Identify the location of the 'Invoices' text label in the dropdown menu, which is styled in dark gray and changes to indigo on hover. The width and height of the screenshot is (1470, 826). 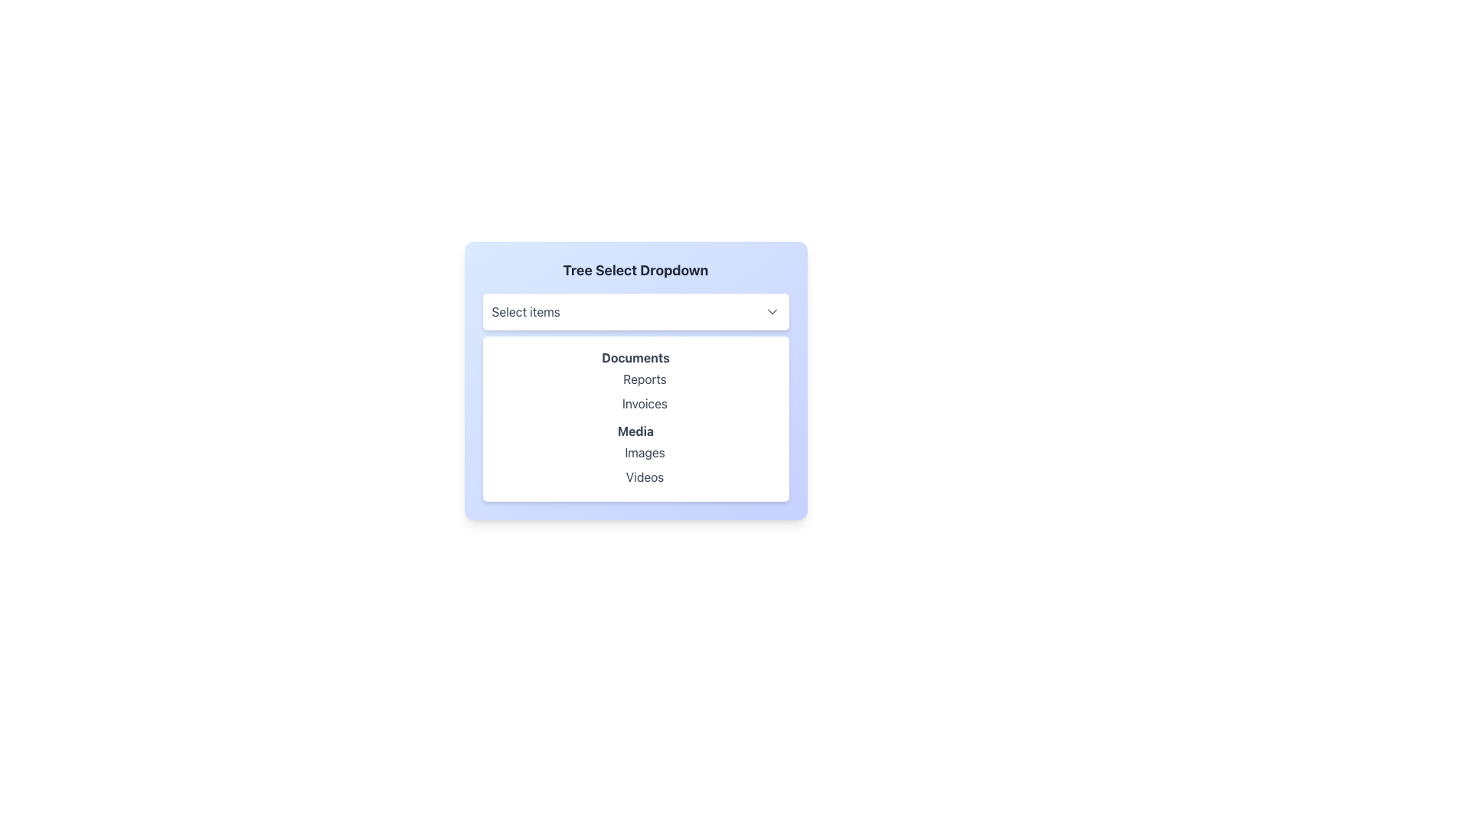
(642, 403).